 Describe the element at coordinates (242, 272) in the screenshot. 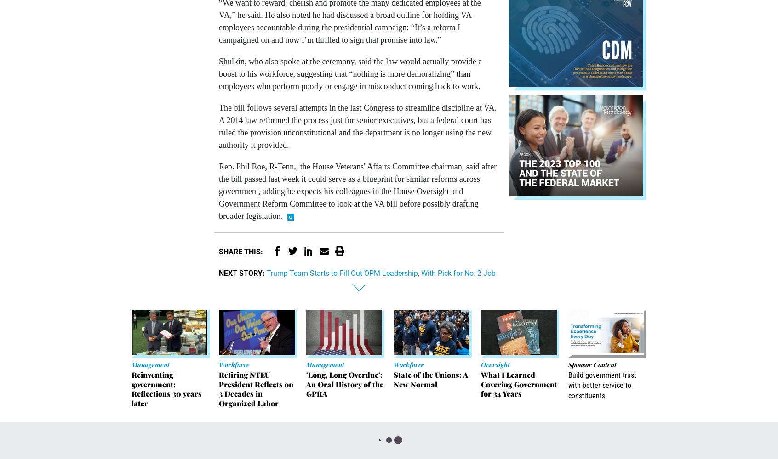

I see `'NEXT STORY:'` at that location.